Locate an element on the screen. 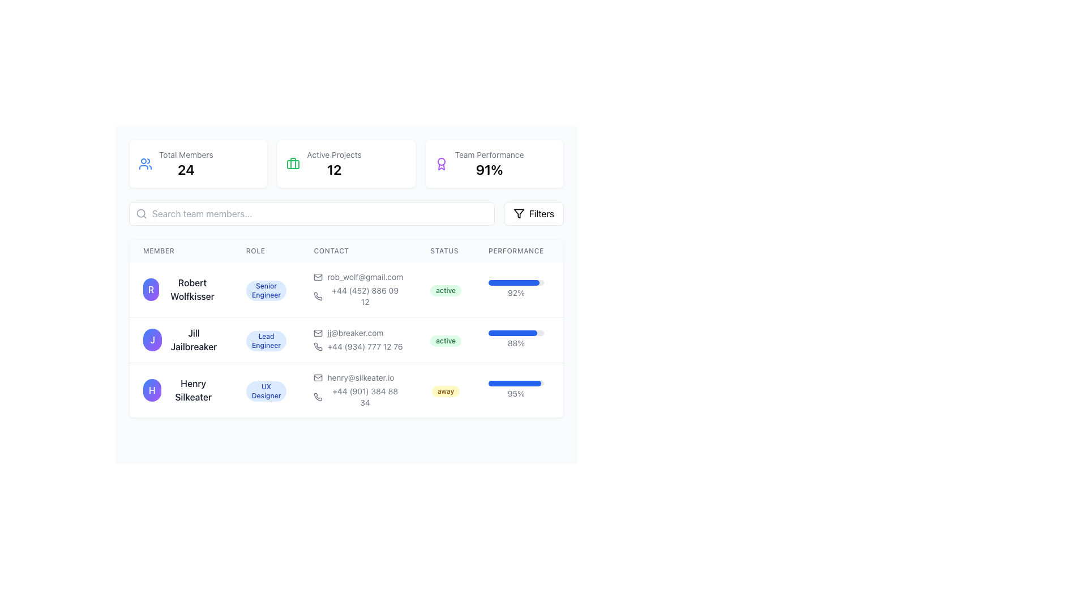 This screenshot has width=1087, height=611. the phone number text label in the 'Contact' column of the second row, which is displayed in small gray text and is located below the email address is located at coordinates (358, 346).